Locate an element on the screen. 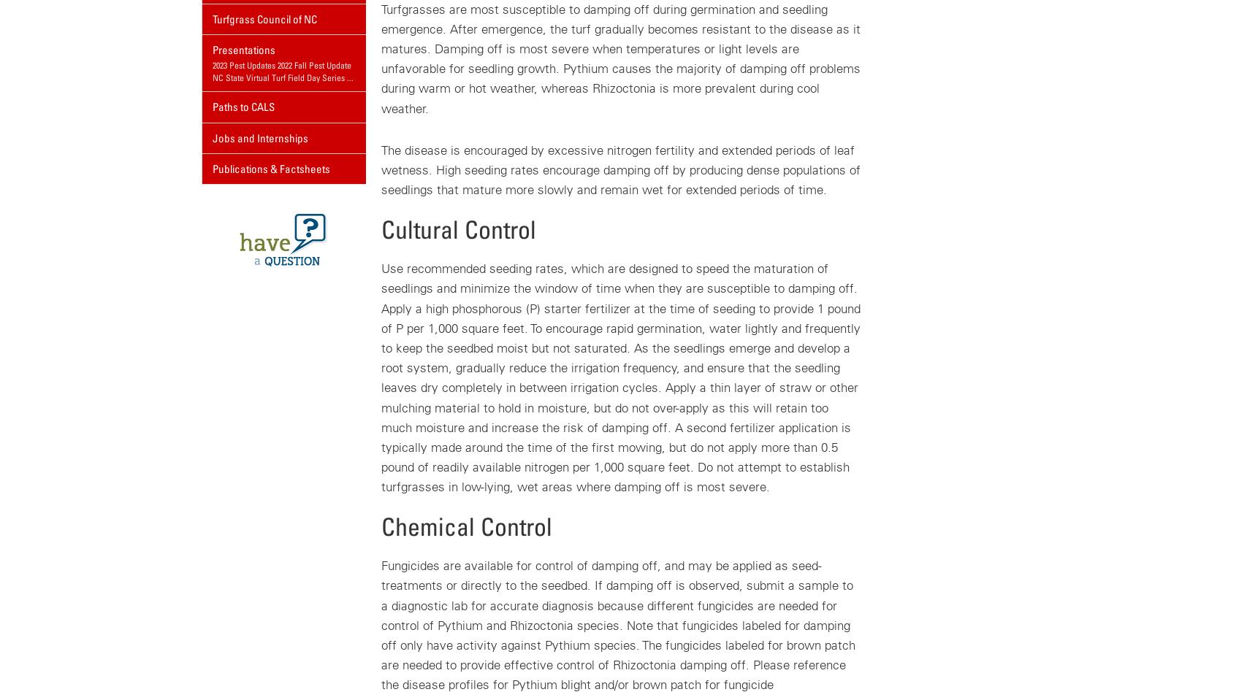 The image size is (1236, 692). 'Chemical Control' is located at coordinates (380, 526).